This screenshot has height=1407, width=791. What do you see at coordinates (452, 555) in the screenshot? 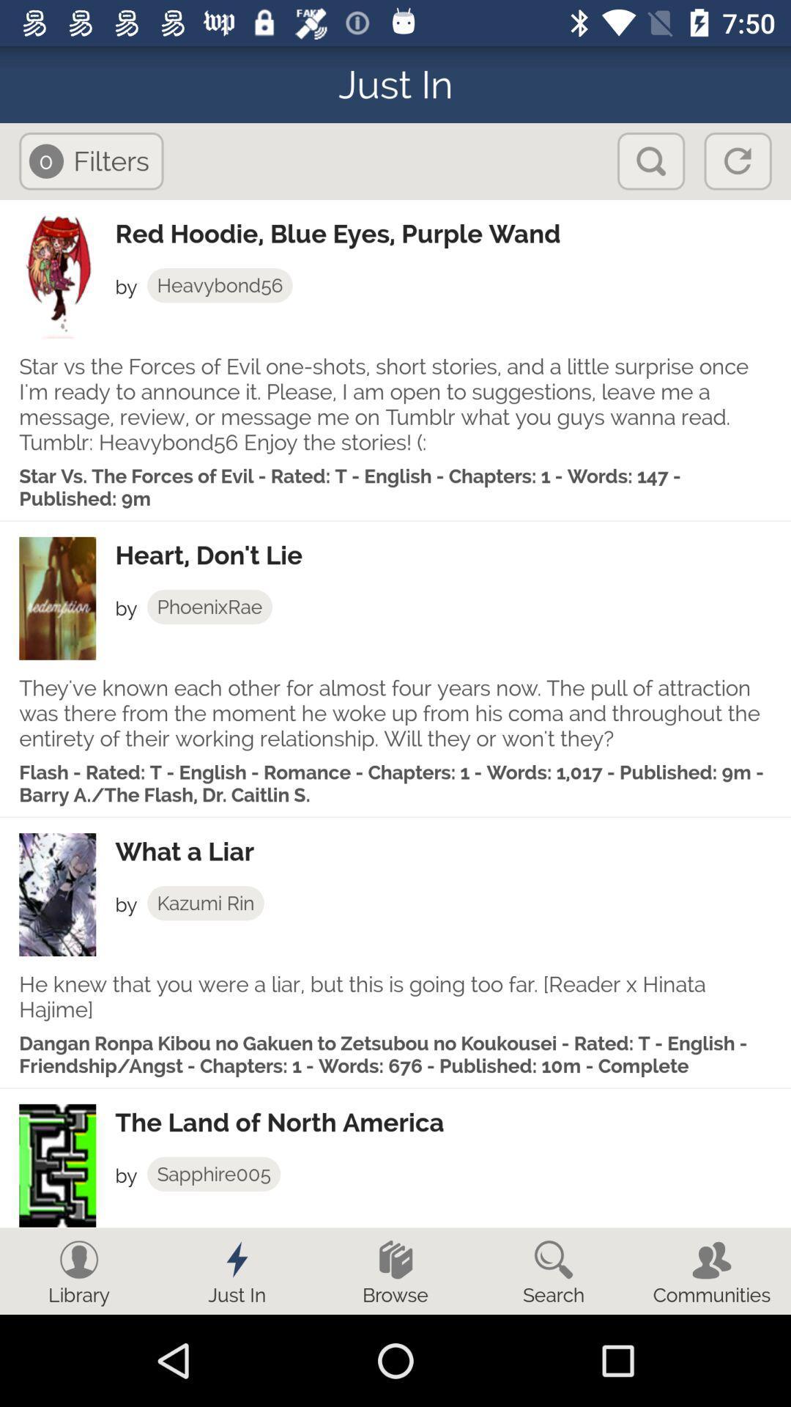
I see `item below the star vs the app` at bounding box center [452, 555].